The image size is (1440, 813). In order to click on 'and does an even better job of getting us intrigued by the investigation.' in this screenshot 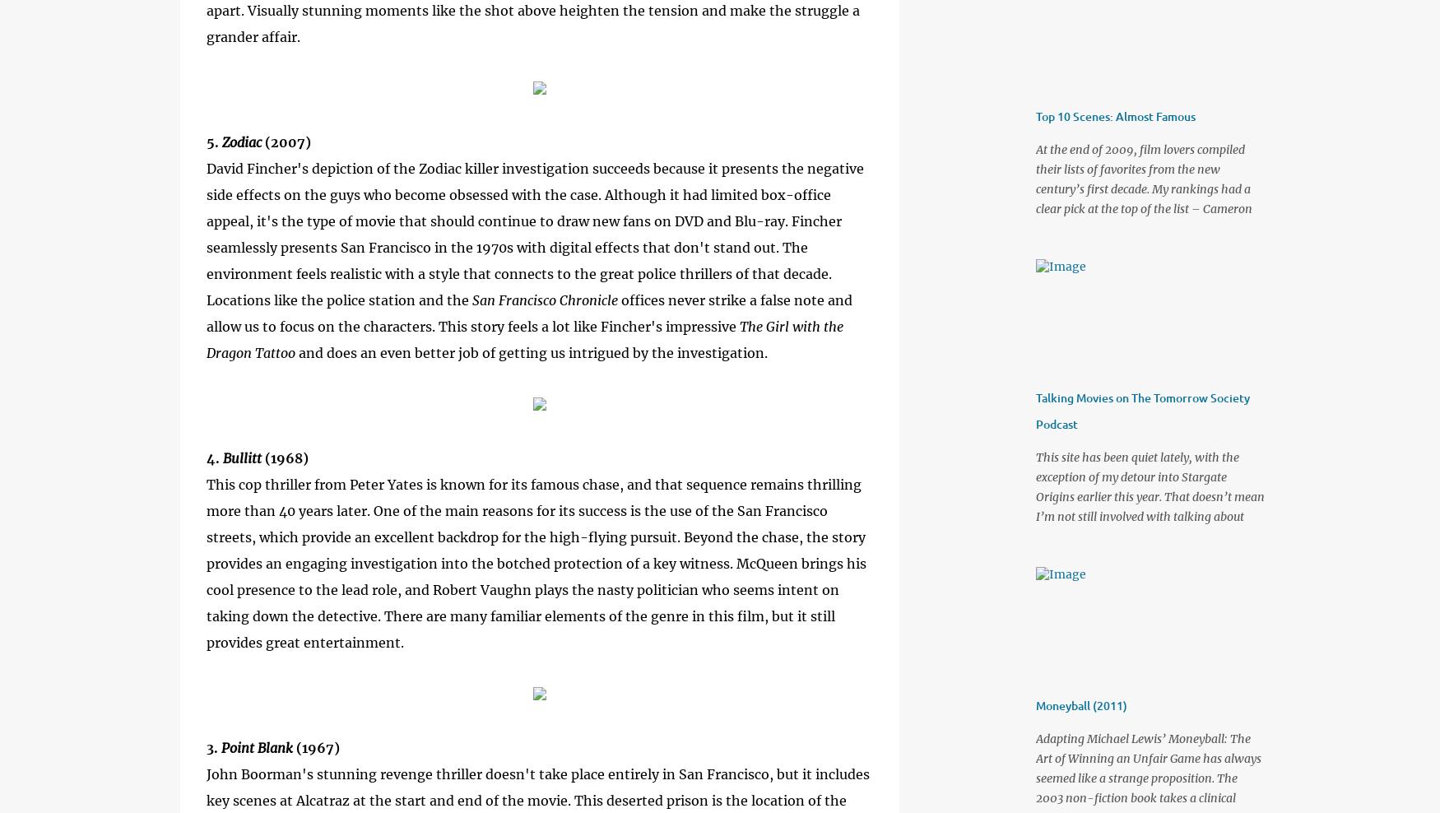, I will do `click(530, 351)`.